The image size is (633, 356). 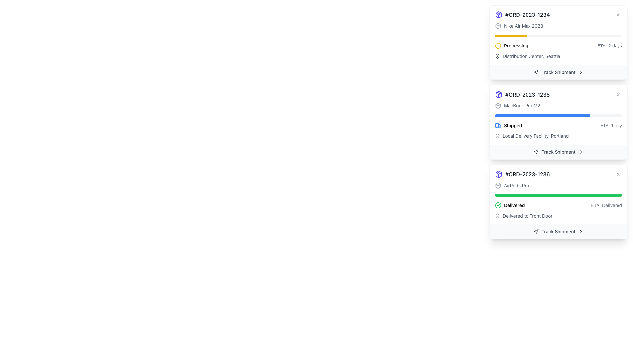 What do you see at coordinates (523, 25) in the screenshot?
I see `the text label displaying 'Nike Air Max 2023', which is styled in a small, gray font and indicates a product's name` at bounding box center [523, 25].